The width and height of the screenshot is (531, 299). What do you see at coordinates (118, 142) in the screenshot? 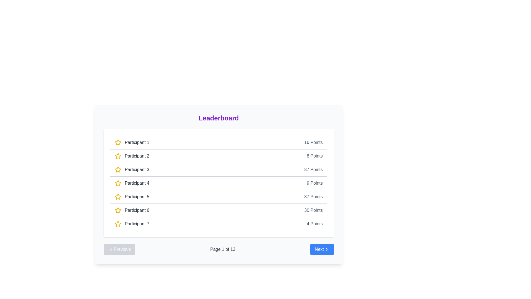
I see `the star-shaped icon with a yellow border and hollow center, which is the second entry in the leaderboard table below the header 'Leaderboard'` at bounding box center [118, 142].